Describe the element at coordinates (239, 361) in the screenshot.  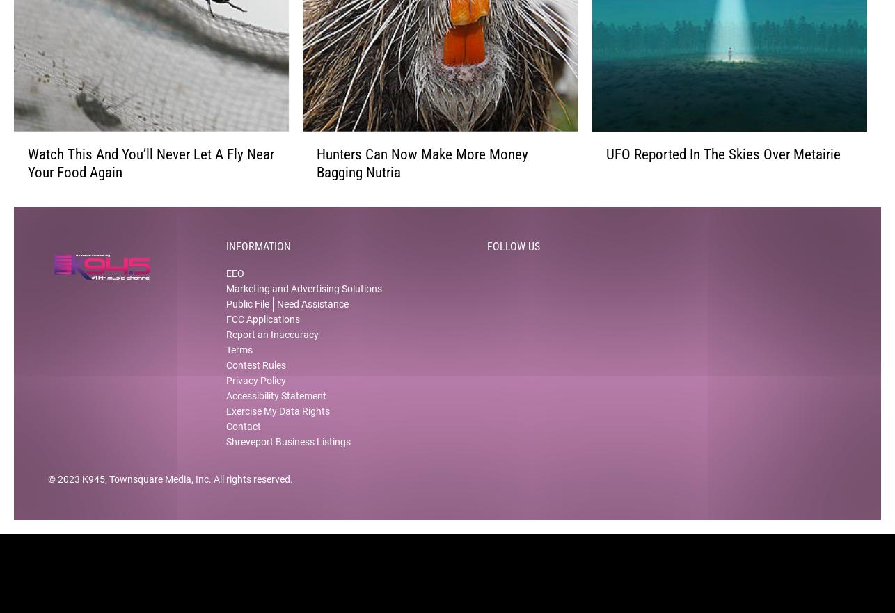
I see `'Terms'` at that location.